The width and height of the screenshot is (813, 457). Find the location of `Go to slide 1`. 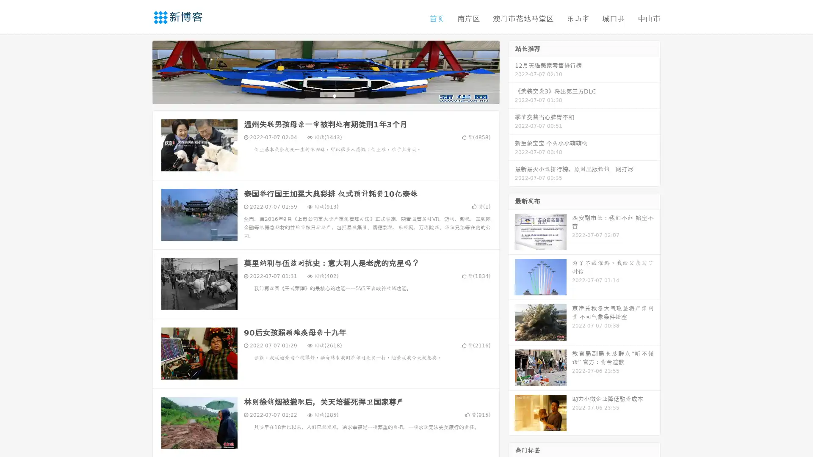

Go to slide 1 is located at coordinates (317, 95).